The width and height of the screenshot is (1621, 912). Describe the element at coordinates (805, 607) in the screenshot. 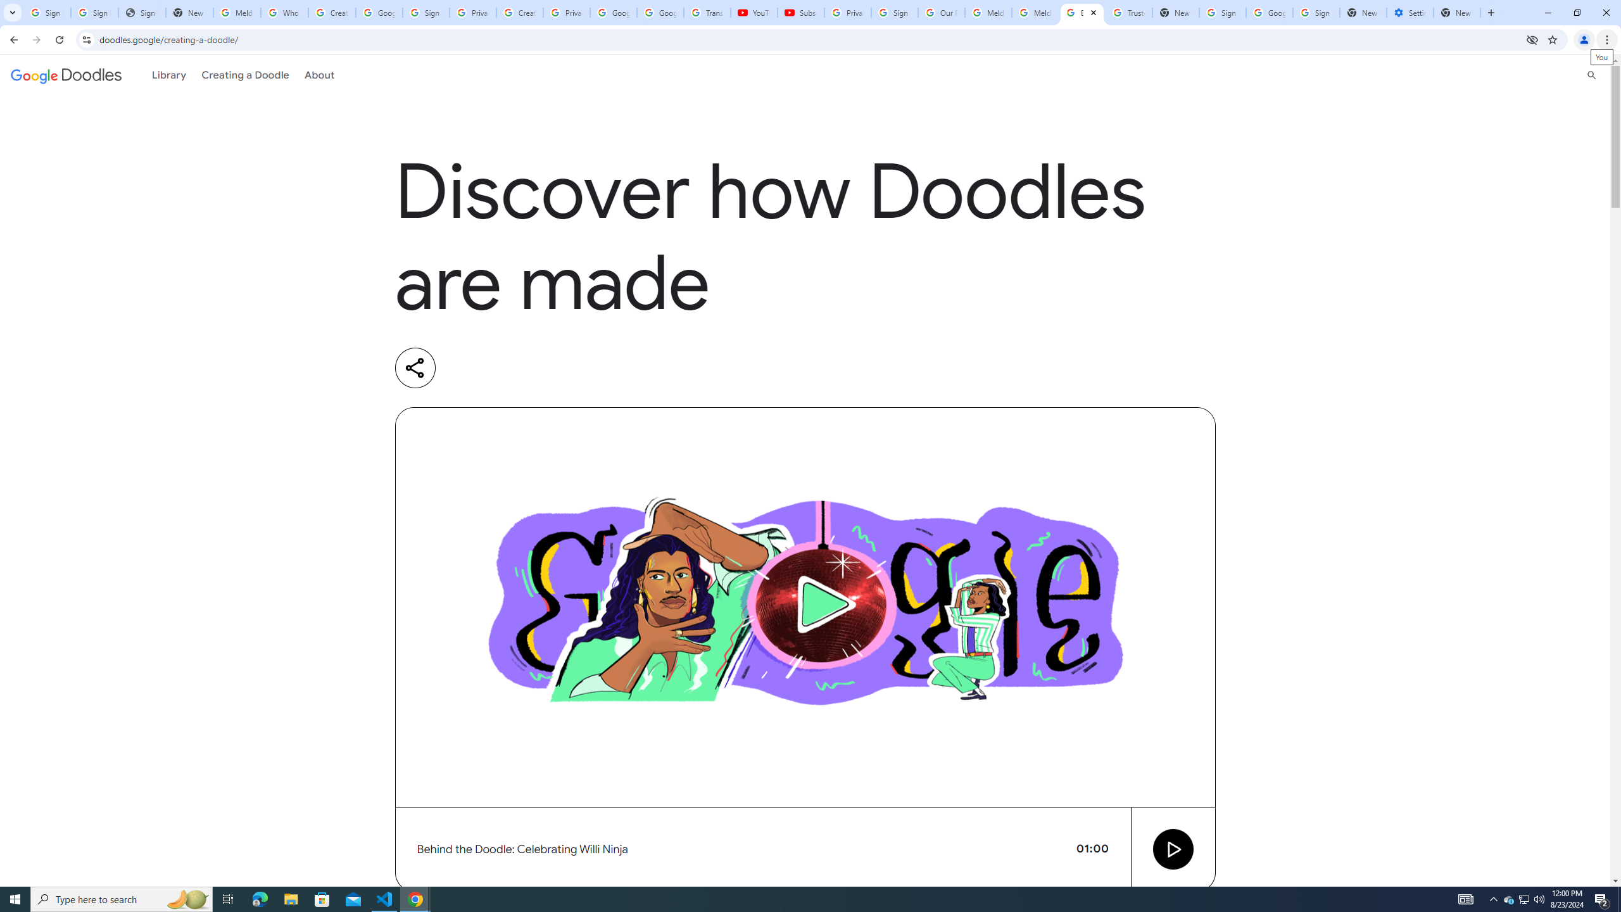

I see `'Video preview image'` at that location.